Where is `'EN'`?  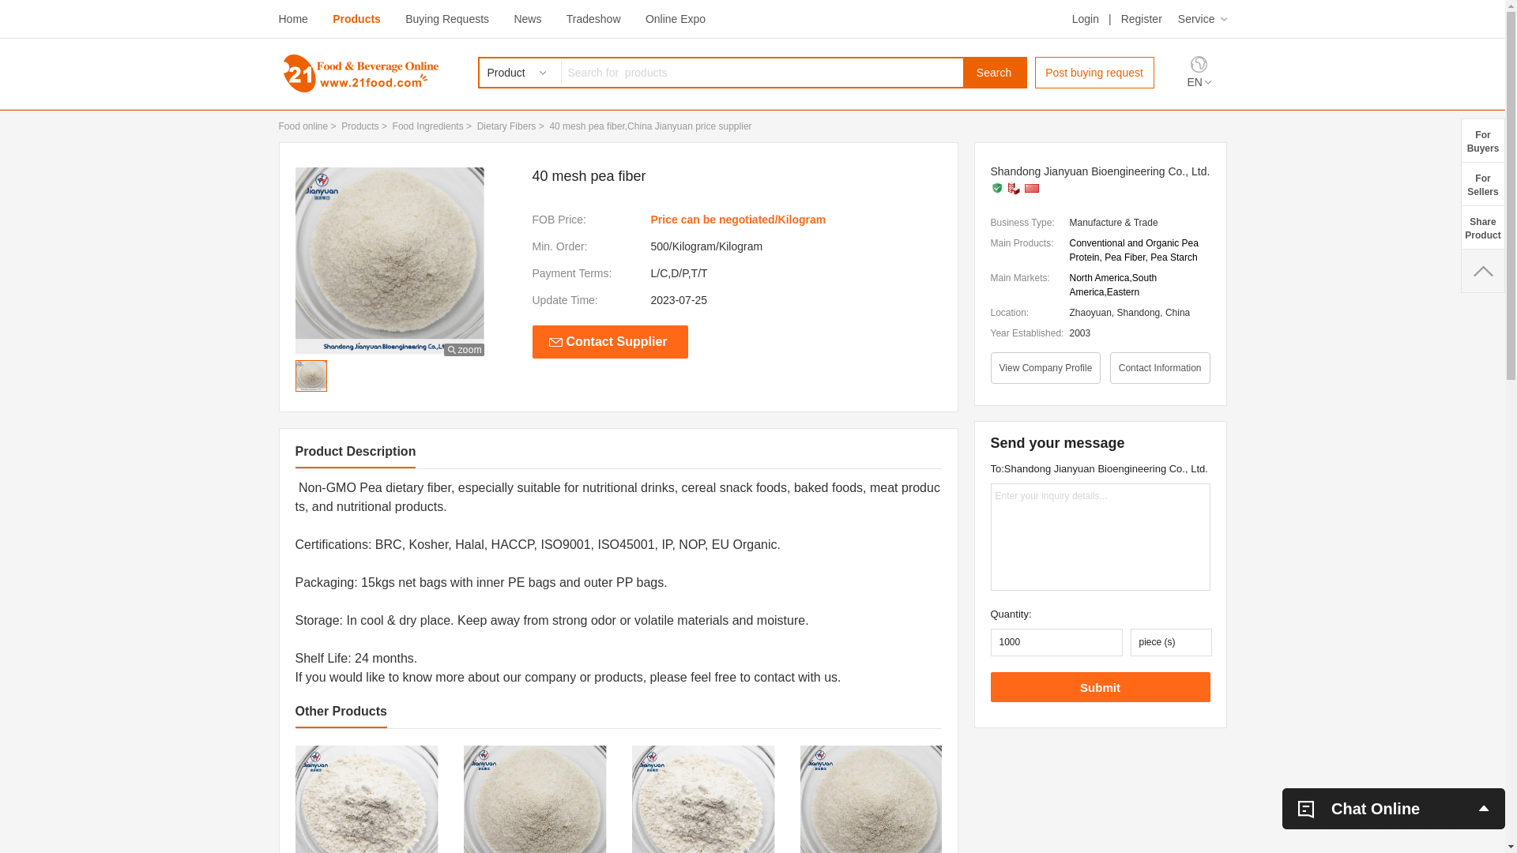
'EN' is located at coordinates (1198, 82).